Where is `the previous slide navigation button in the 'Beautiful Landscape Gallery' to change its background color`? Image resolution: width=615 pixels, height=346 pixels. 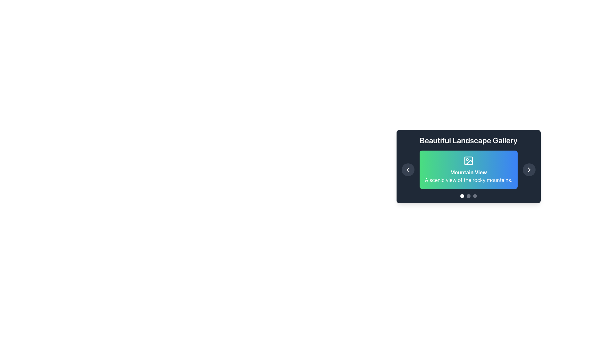
the previous slide navigation button in the 'Beautiful Landscape Gallery' to change its background color is located at coordinates (407, 169).